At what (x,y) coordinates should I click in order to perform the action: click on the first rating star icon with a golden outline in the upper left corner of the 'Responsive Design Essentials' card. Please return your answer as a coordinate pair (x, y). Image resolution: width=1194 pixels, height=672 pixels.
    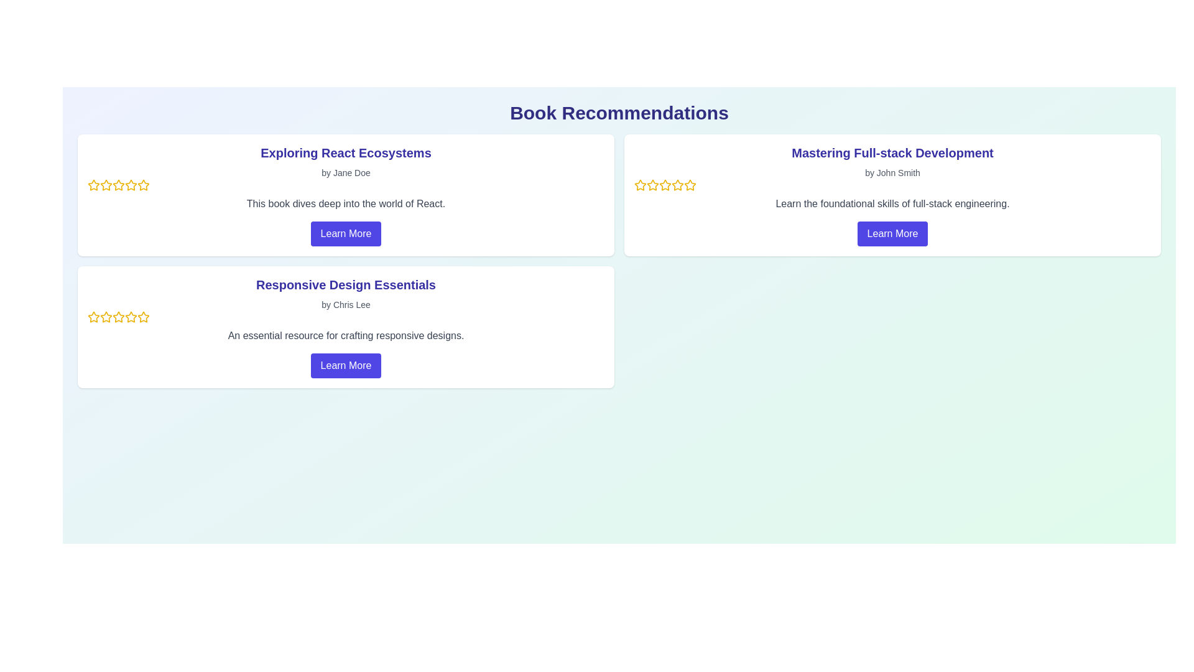
    Looking at the image, I should click on (93, 316).